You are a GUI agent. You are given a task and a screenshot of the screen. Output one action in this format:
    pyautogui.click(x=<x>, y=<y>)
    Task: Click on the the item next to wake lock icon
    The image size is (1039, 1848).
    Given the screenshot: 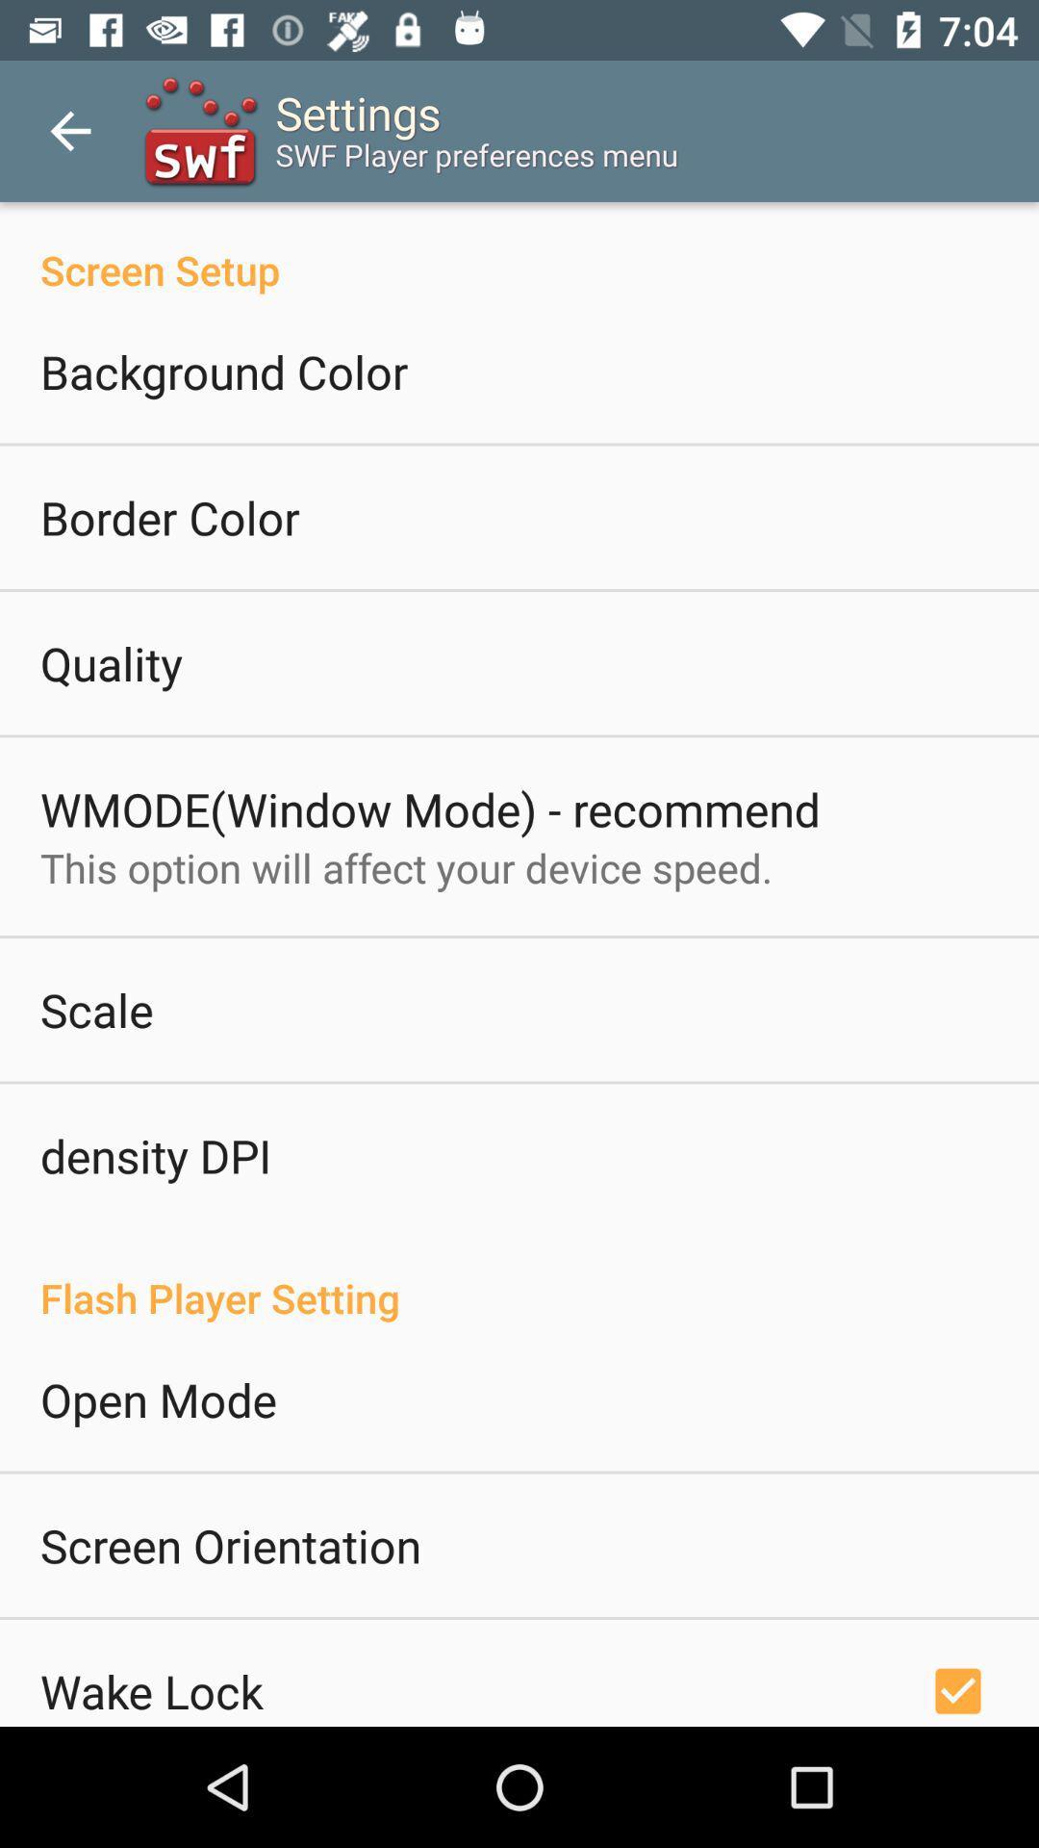 What is the action you would take?
    pyautogui.click(x=957, y=1687)
    